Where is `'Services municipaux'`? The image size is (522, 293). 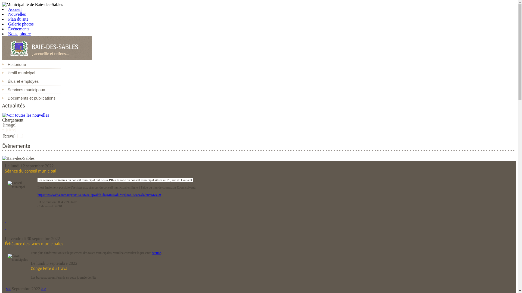
'Services municipaux' is located at coordinates (2, 89).